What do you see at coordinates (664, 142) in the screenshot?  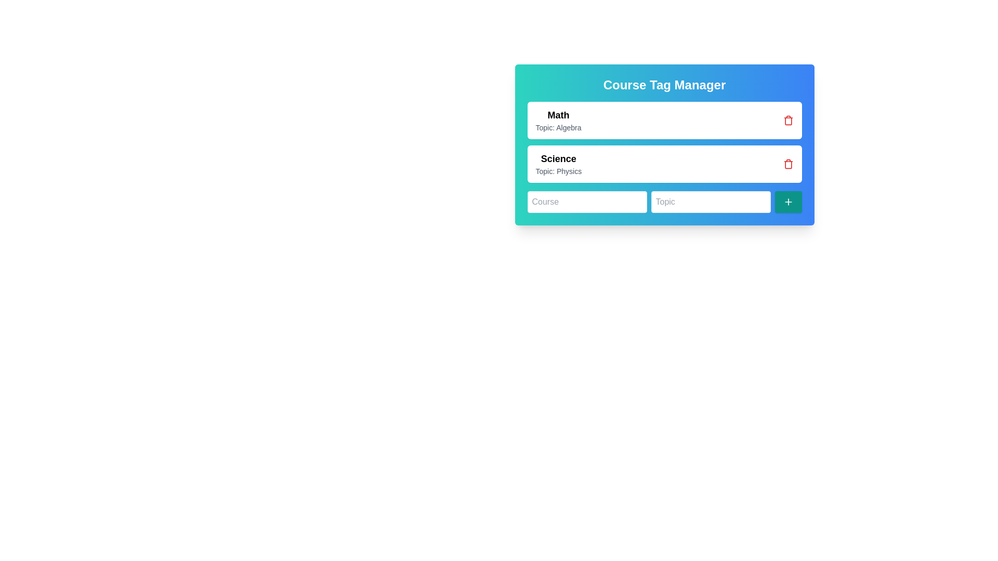 I see `the course topic row in the List with action elements` at bounding box center [664, 142].